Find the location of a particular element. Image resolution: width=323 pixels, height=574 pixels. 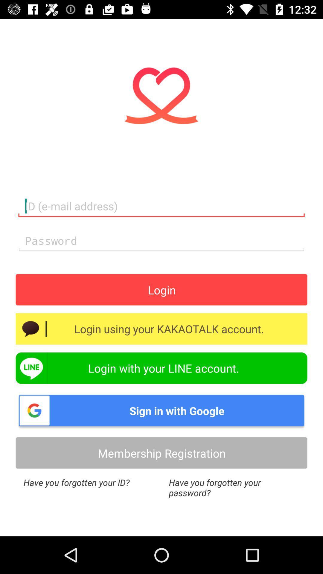

the membership registration item is located at coordinates (161, 453).